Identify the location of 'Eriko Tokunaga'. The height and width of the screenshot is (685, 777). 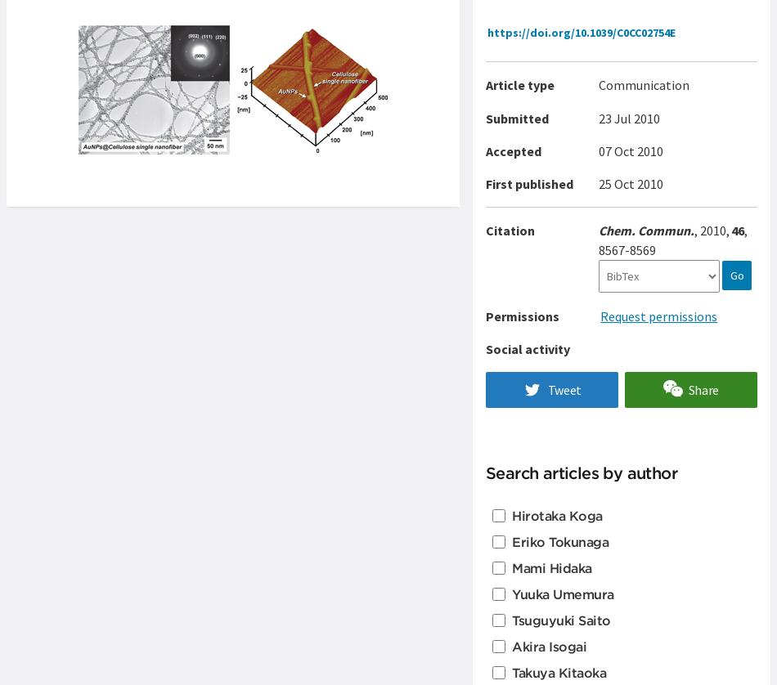
(560, 541).